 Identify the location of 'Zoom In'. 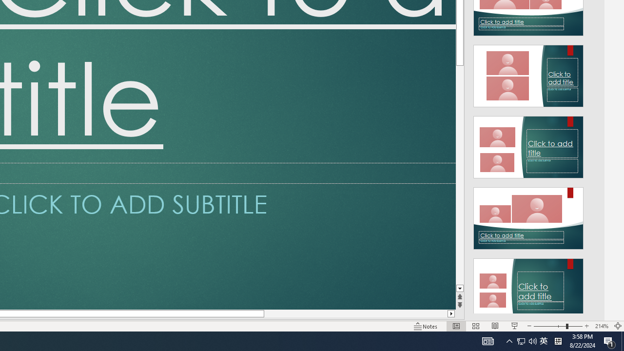
(586, 326).